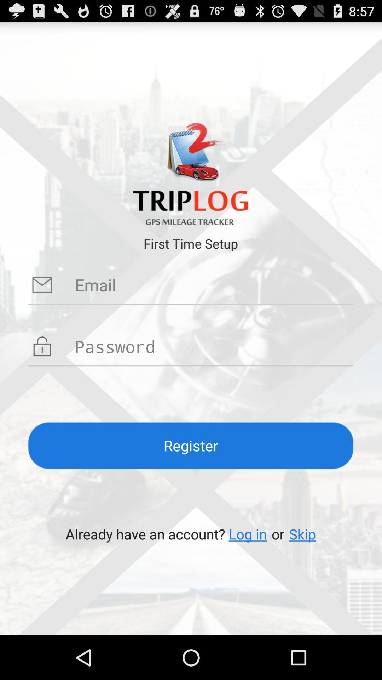 The height and width of the screenshot is (680, 382). Describe the element at coordinates (302, 534) in the screenshot. I see `skip app` at that location.